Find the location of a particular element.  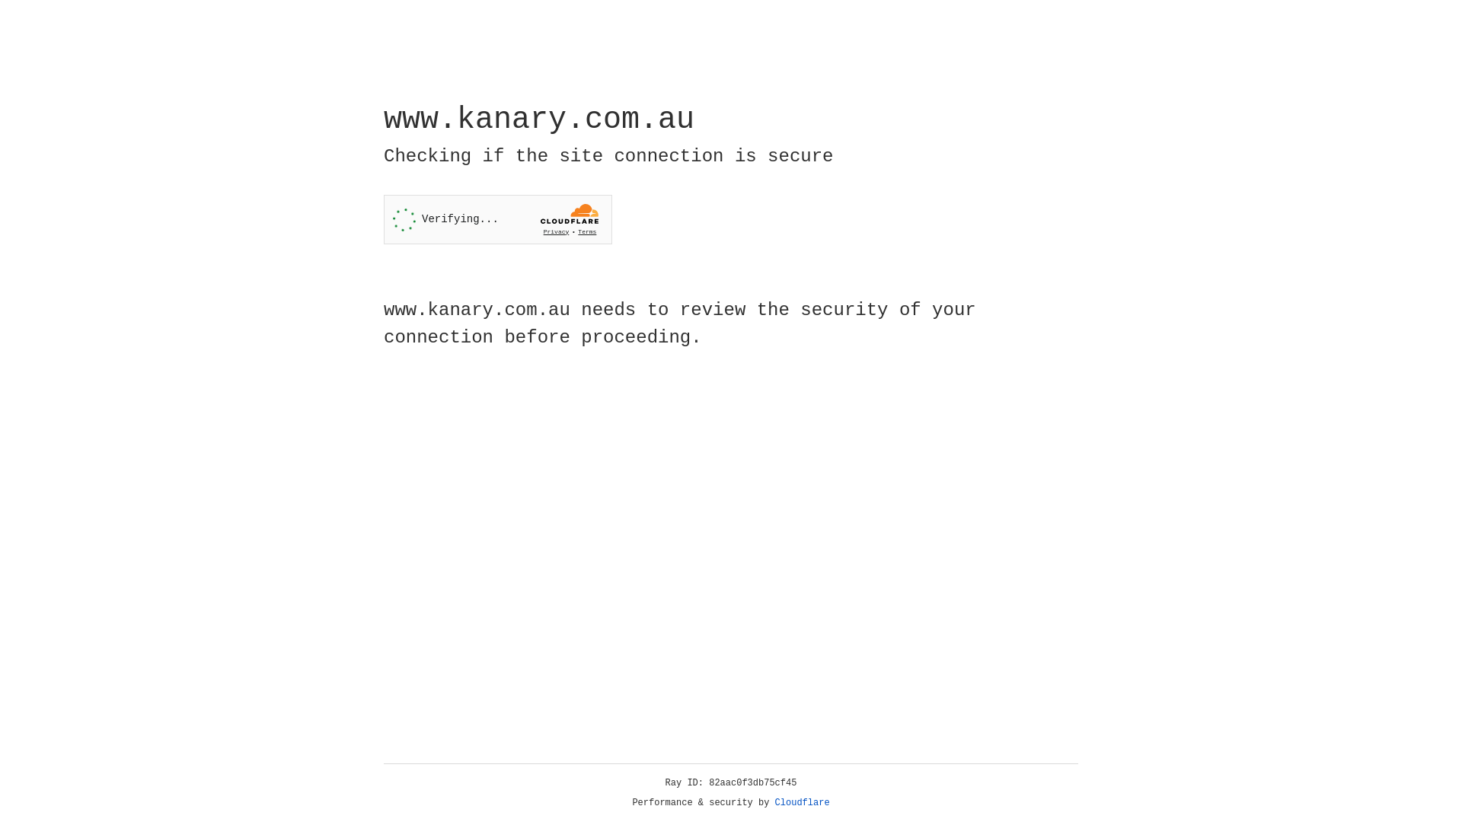

'Widget containing a Cloudflare security challenge' is located at coordinates (497, 219).